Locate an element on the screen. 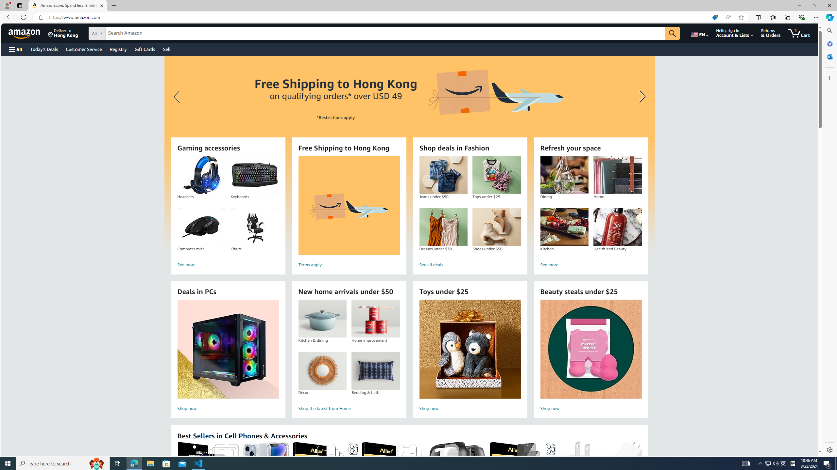 The width and height of the screenshot is (837, 470). 'Bedding & bath' is located at coordinates (376, 370).